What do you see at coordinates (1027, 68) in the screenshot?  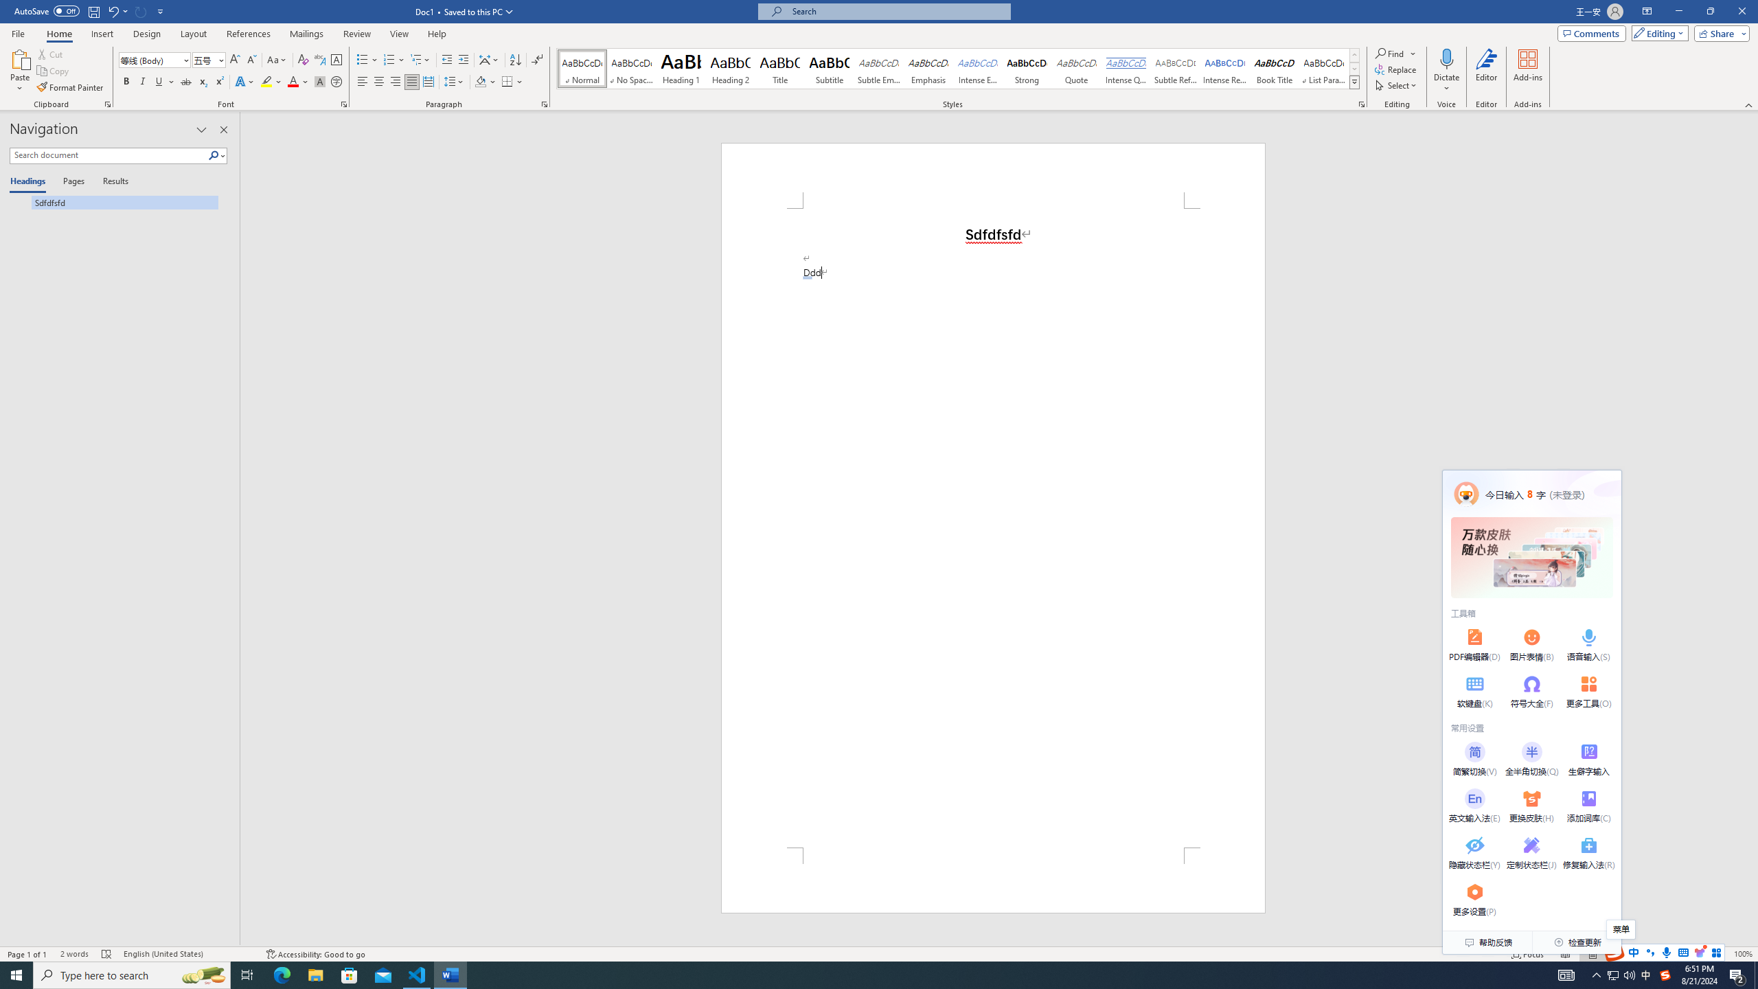 I see `'Strong'` at bounding box center [1027, 68].